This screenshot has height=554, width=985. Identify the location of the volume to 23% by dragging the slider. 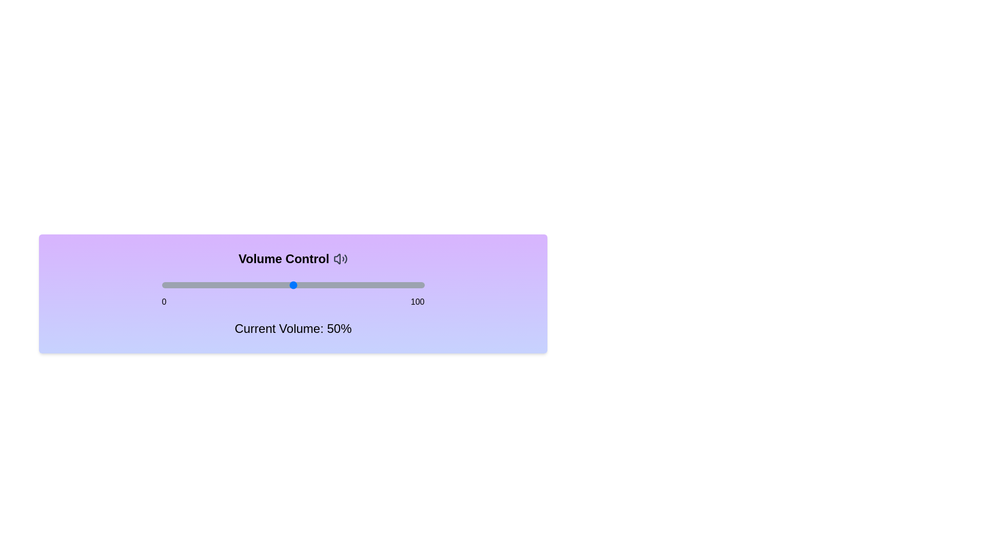
(222, 285).